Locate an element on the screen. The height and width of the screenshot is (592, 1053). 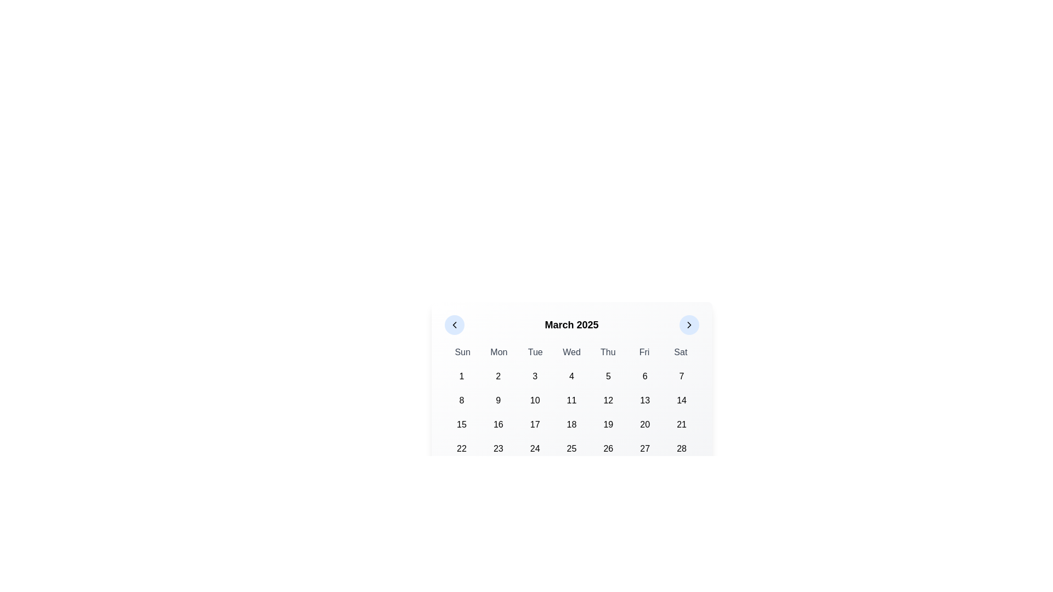
the text label displaying 'Thu', which is styled in gray and located in the upper section of the calendar interface, positioned between 'Wed' and 'Fri' is located at coordinates (607, 352).